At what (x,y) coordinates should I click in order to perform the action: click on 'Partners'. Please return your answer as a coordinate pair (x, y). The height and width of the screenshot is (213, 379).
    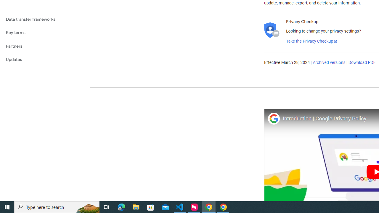
    Looking at the image, I should click on (45, 46).